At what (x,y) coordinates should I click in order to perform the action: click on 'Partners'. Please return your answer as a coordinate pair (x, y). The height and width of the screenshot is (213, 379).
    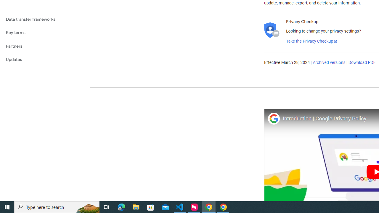
    Looking at the image, I should click on (45, 46).